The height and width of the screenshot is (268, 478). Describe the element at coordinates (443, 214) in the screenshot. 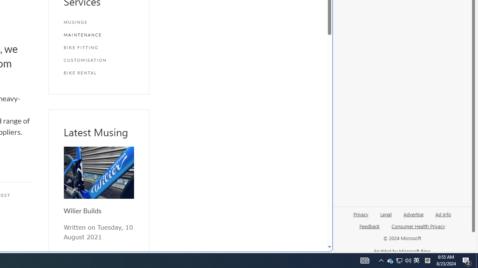

I see `'Ad info'` at that location.